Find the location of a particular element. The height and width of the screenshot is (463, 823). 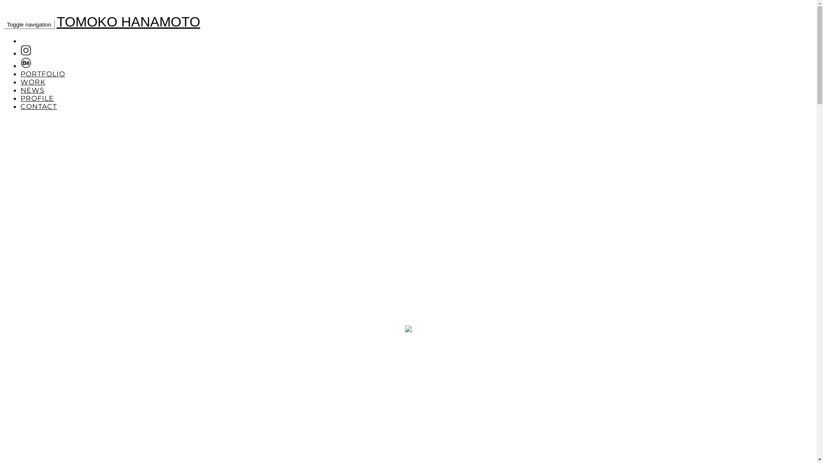

'NEWS' is located at coordinates (21, 90).